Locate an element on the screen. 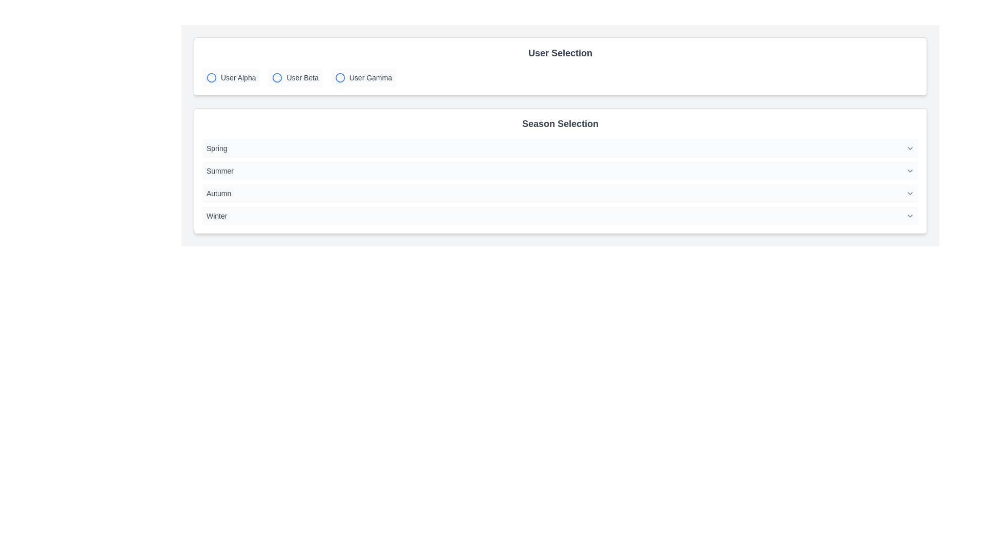 Image resolution: width=984 pixels, height=553 pixels. the leftmost icon of the 'User Gamma' option group within the 'User Selection' panel is located at coordinates (340, 77).